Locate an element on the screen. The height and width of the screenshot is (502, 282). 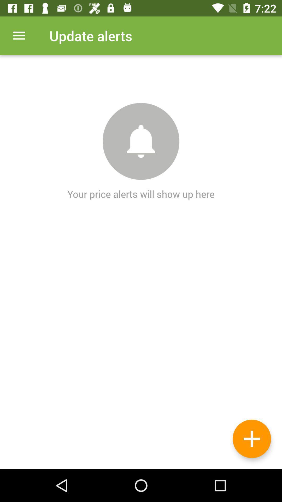
more update alerts options is located at coordinates (19, 35).